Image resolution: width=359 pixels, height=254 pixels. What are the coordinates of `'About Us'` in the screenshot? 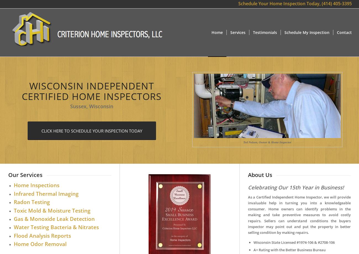 It's located at (260, 174).